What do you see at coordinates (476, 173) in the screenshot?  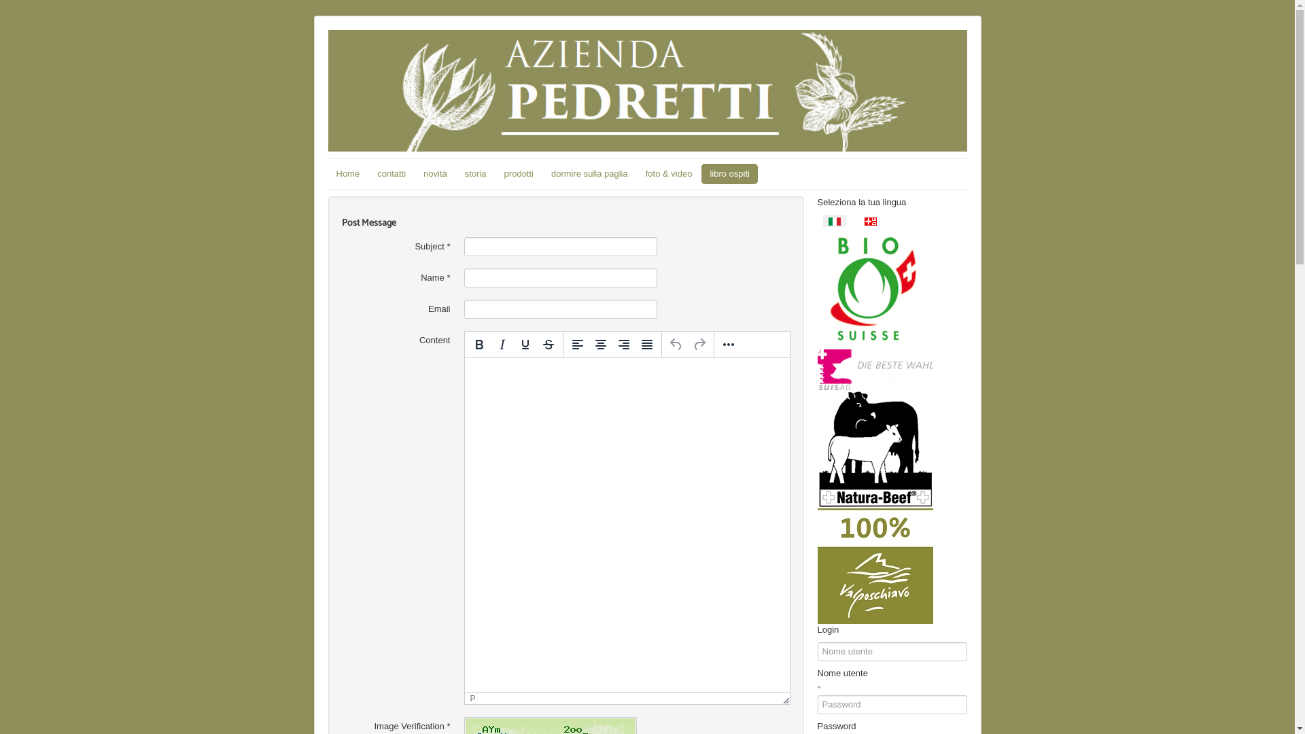 I see `'storia'` at bounding box center [476, 173].